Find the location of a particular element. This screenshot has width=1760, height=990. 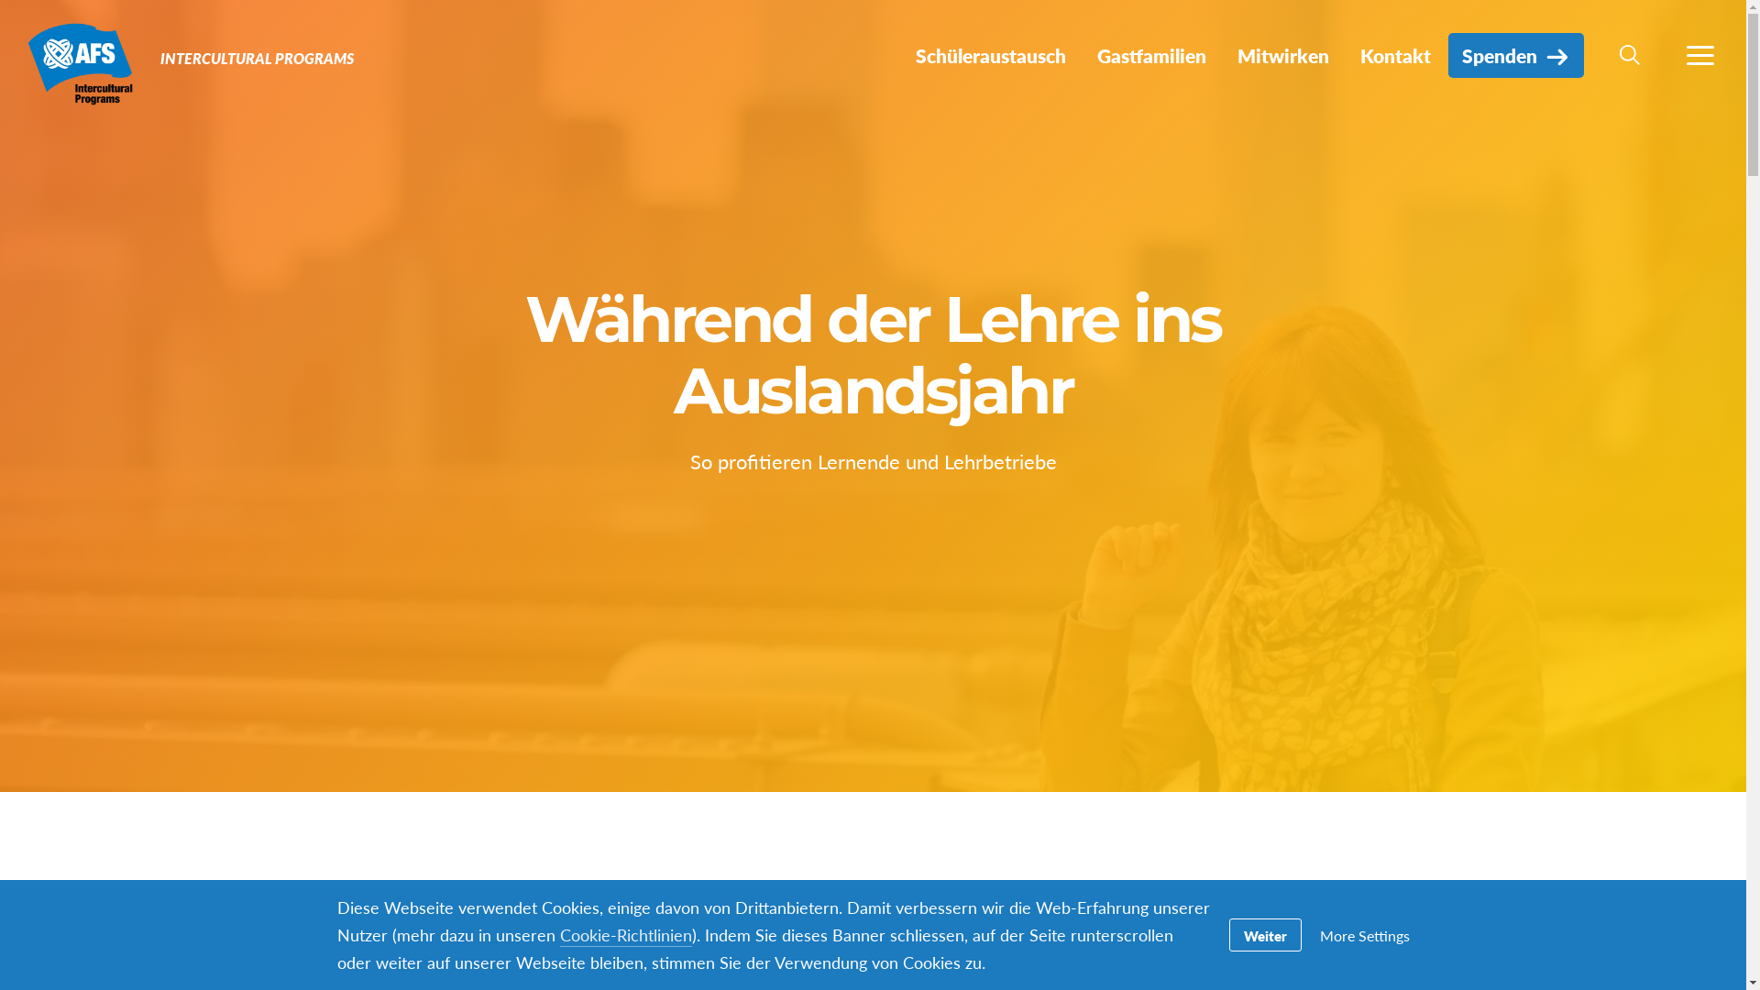

'Mitwirken' is located at coordinates (1282, 54).